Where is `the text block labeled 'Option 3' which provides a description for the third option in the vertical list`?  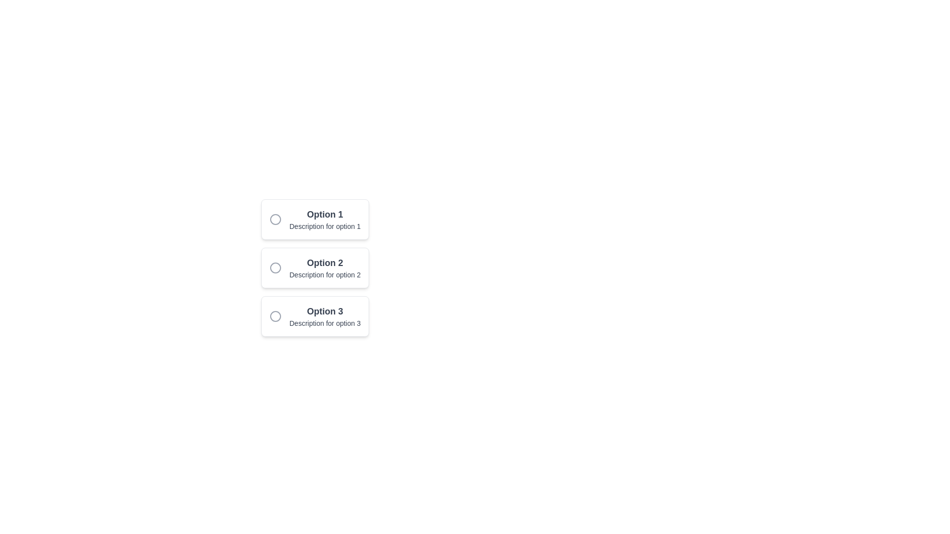
the text block labeled 'Option 3' which provides a description for the third option in the vertical list is located at coordinates (325, 316).